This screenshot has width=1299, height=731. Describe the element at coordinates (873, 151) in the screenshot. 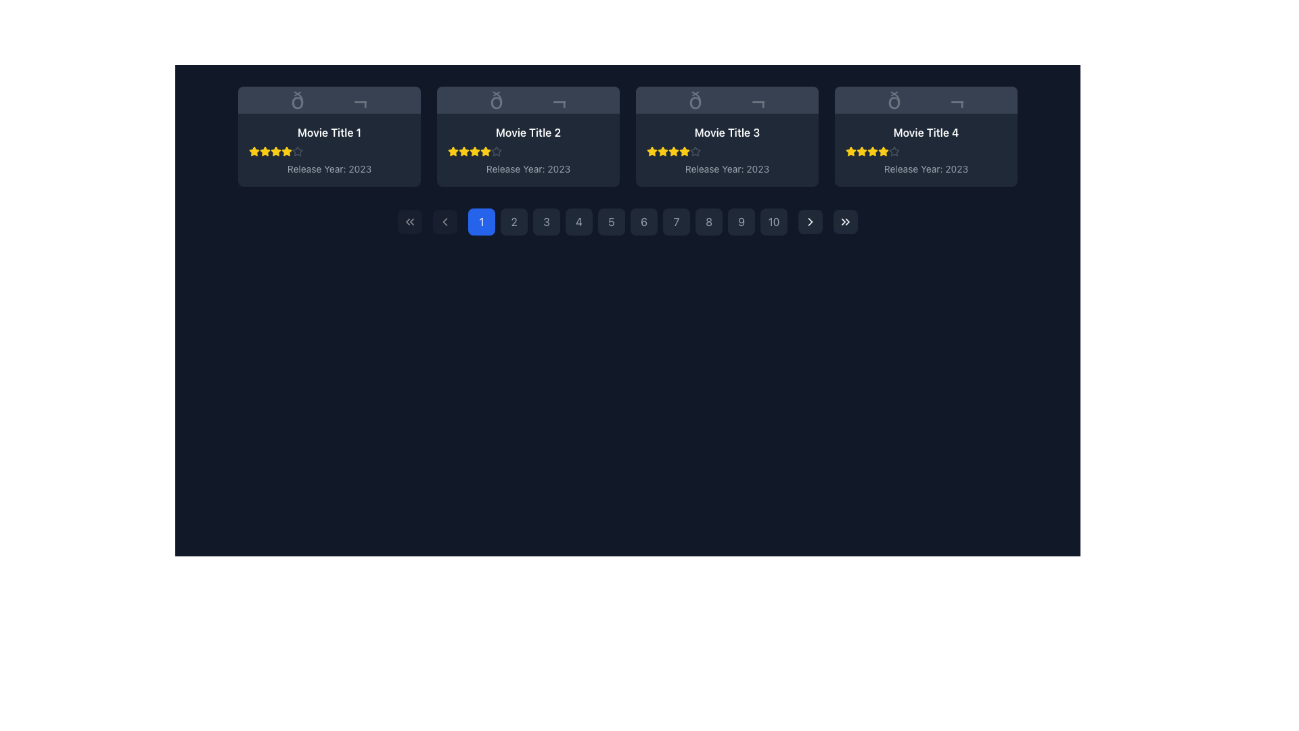

I see `the yellow star icon located in the rating section next to 'Movie Title 4', which is the fifth star in a row of six stars` at that location.